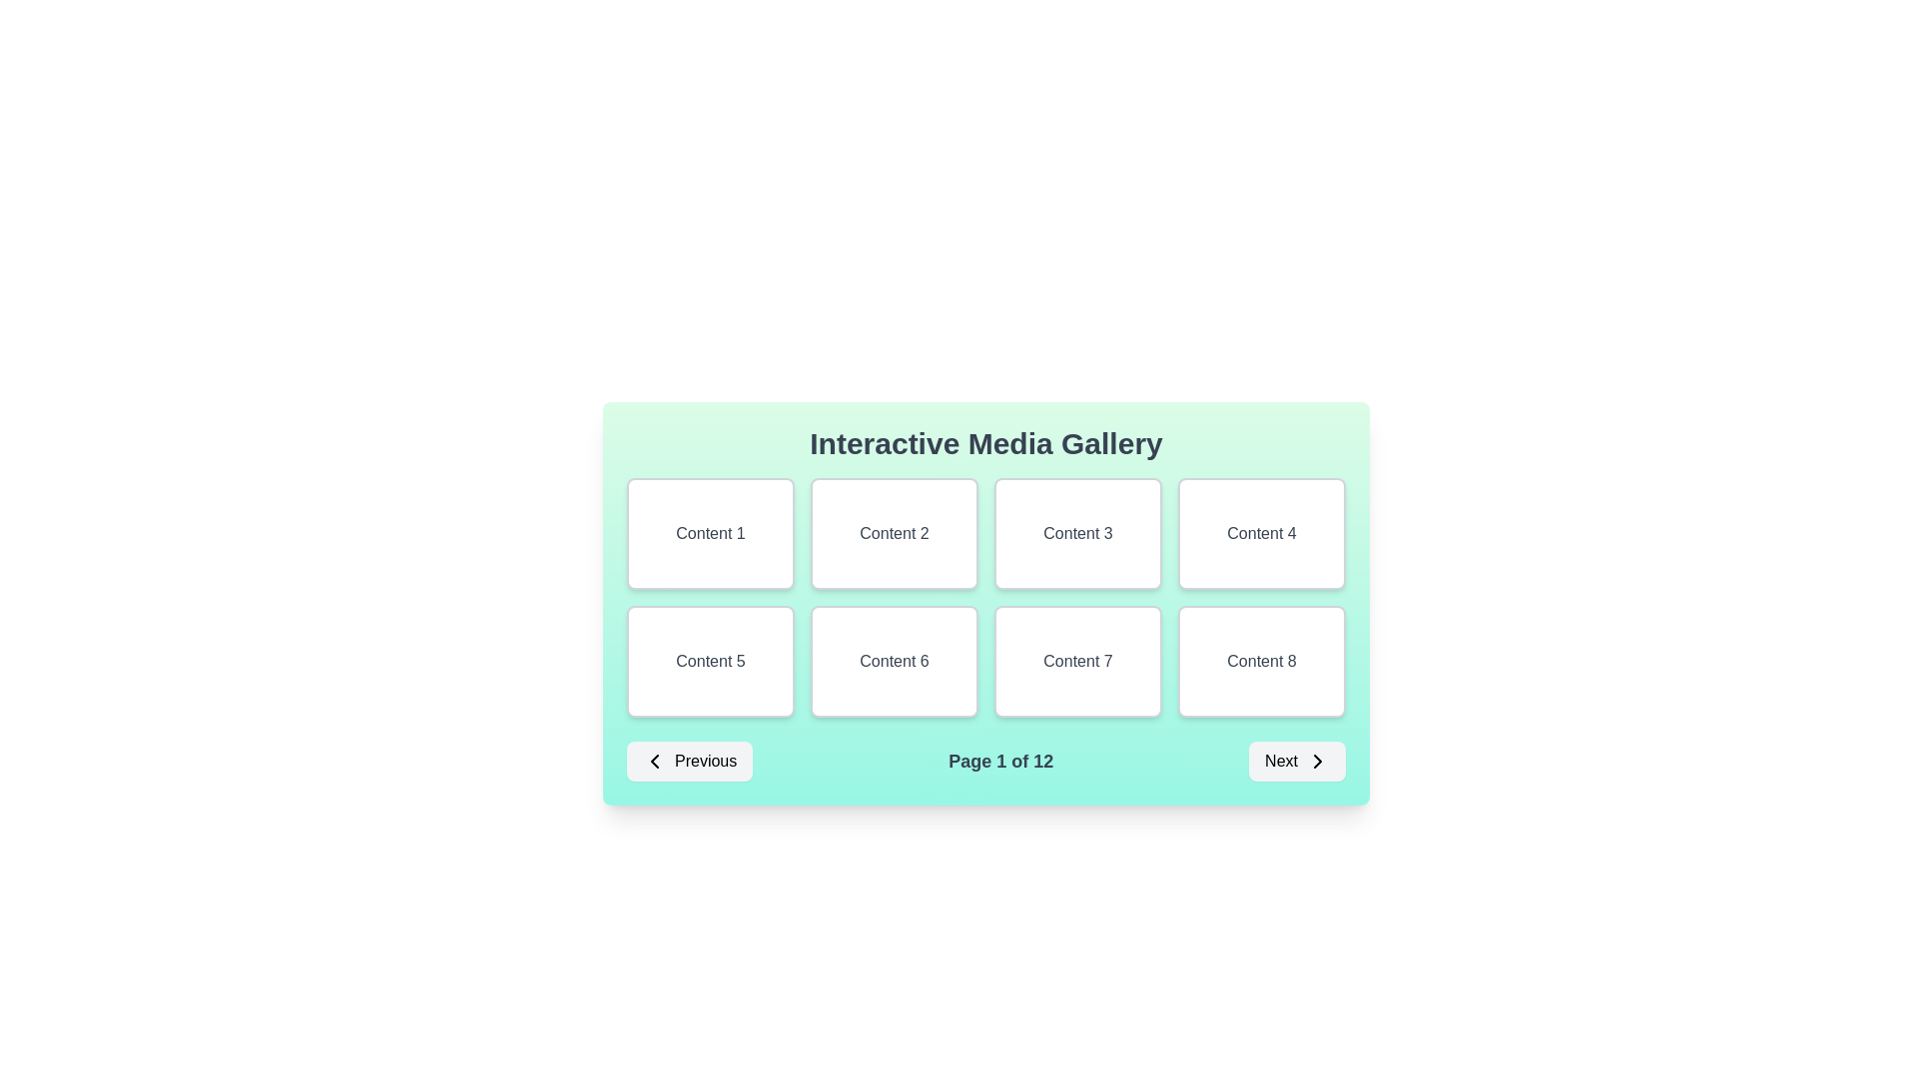 Image resolution: width=1917 pixels, height=1078 pixels. Describe the element at coordinates (655, 762) in the screenshot. I see `the chevron icon located to the left of the 'Previous' button at the bottom-left corner of the interactive gallery interface` at that location.